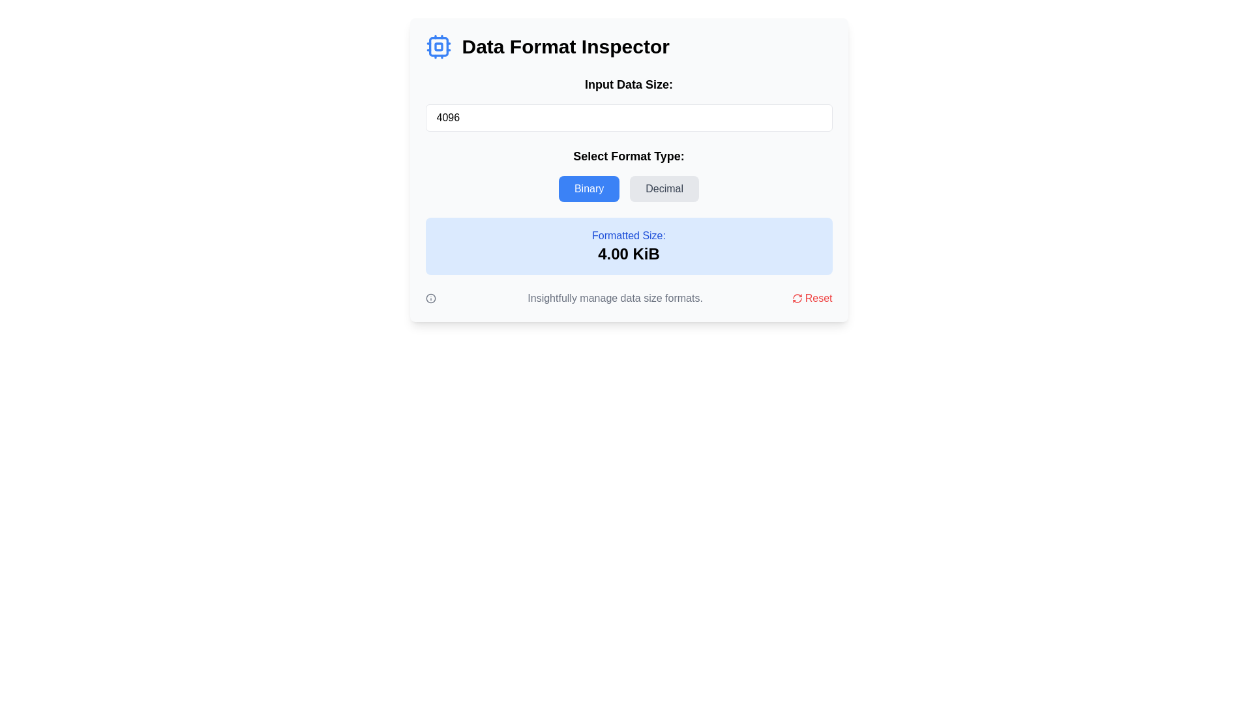  What do you see at coordinates (565, 46) in the screenshot?
I see `text element displaying 'Data Format Inspector', which is a prominent heading styled in bold at the top of the interface` at bounding box center [565, 46].